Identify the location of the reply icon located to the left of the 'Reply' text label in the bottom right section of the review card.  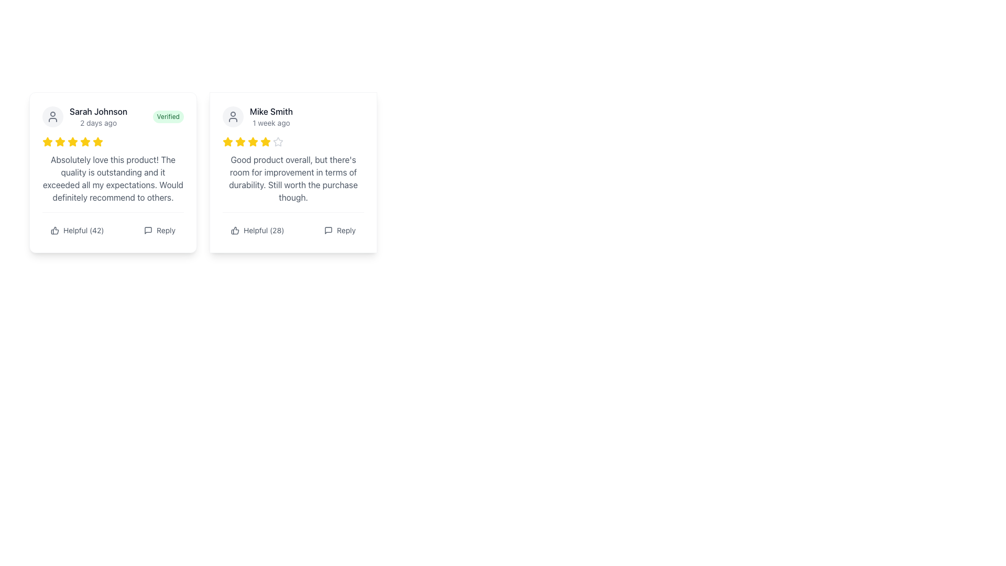
(328, 230).